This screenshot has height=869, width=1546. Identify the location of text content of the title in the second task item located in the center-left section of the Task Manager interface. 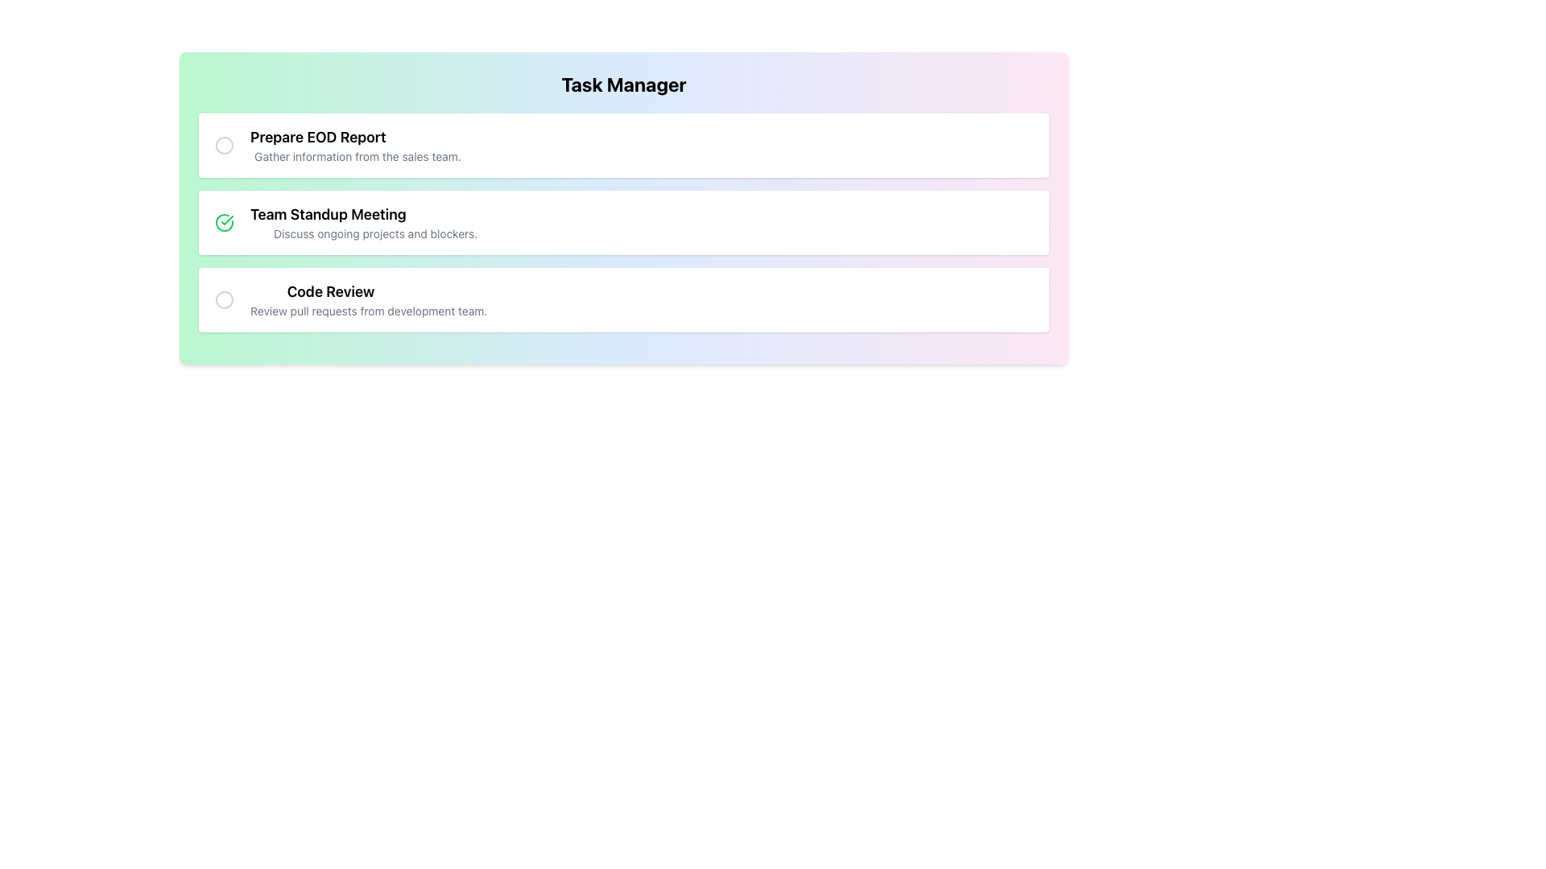
(374, 213).